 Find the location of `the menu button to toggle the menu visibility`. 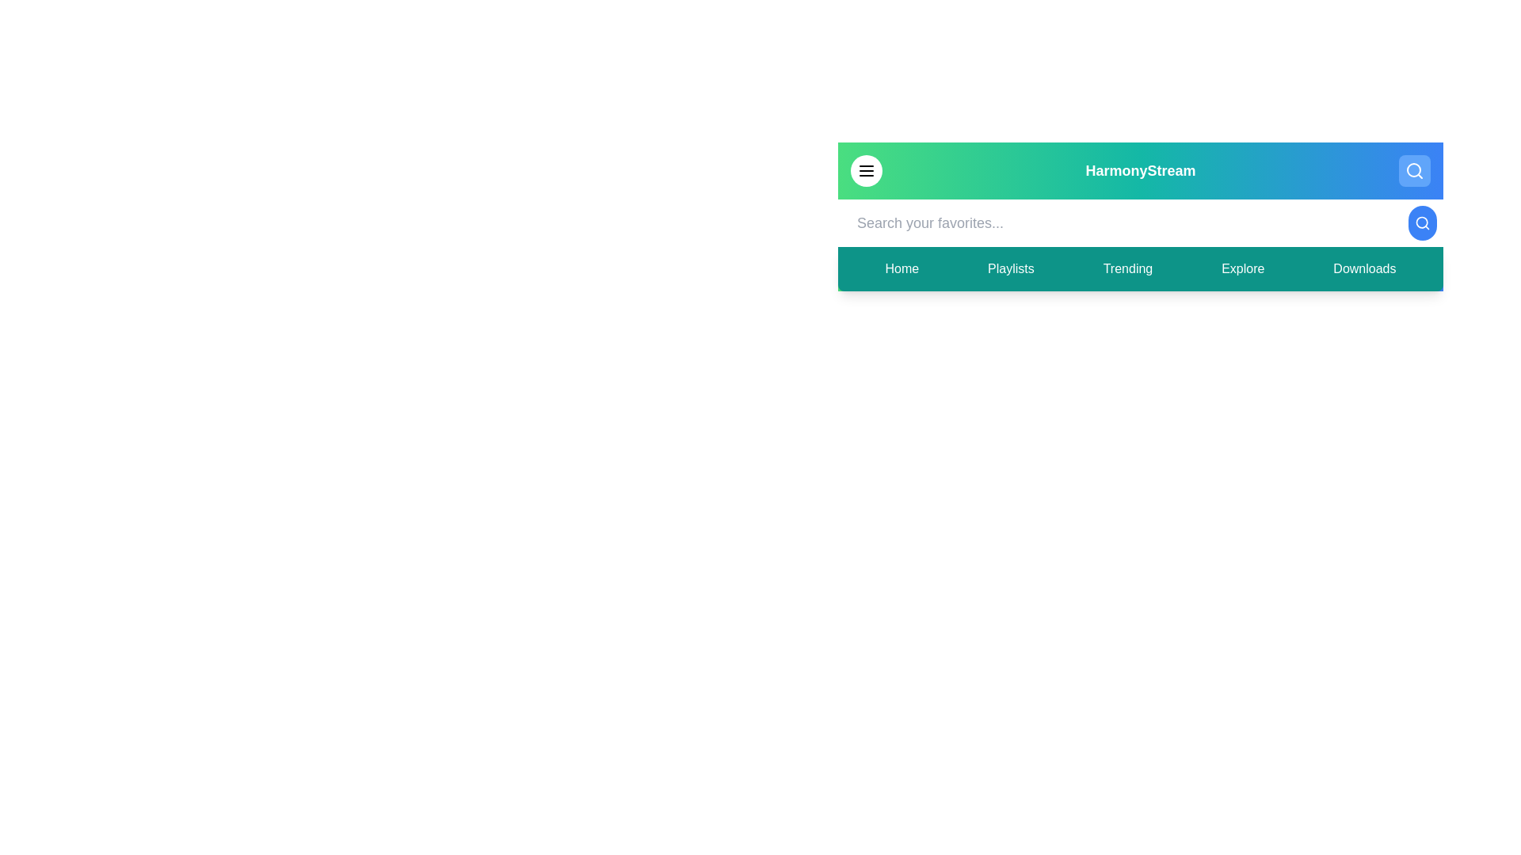

the menu button to toggle the menu visibility is located at coordinates (866, 171).